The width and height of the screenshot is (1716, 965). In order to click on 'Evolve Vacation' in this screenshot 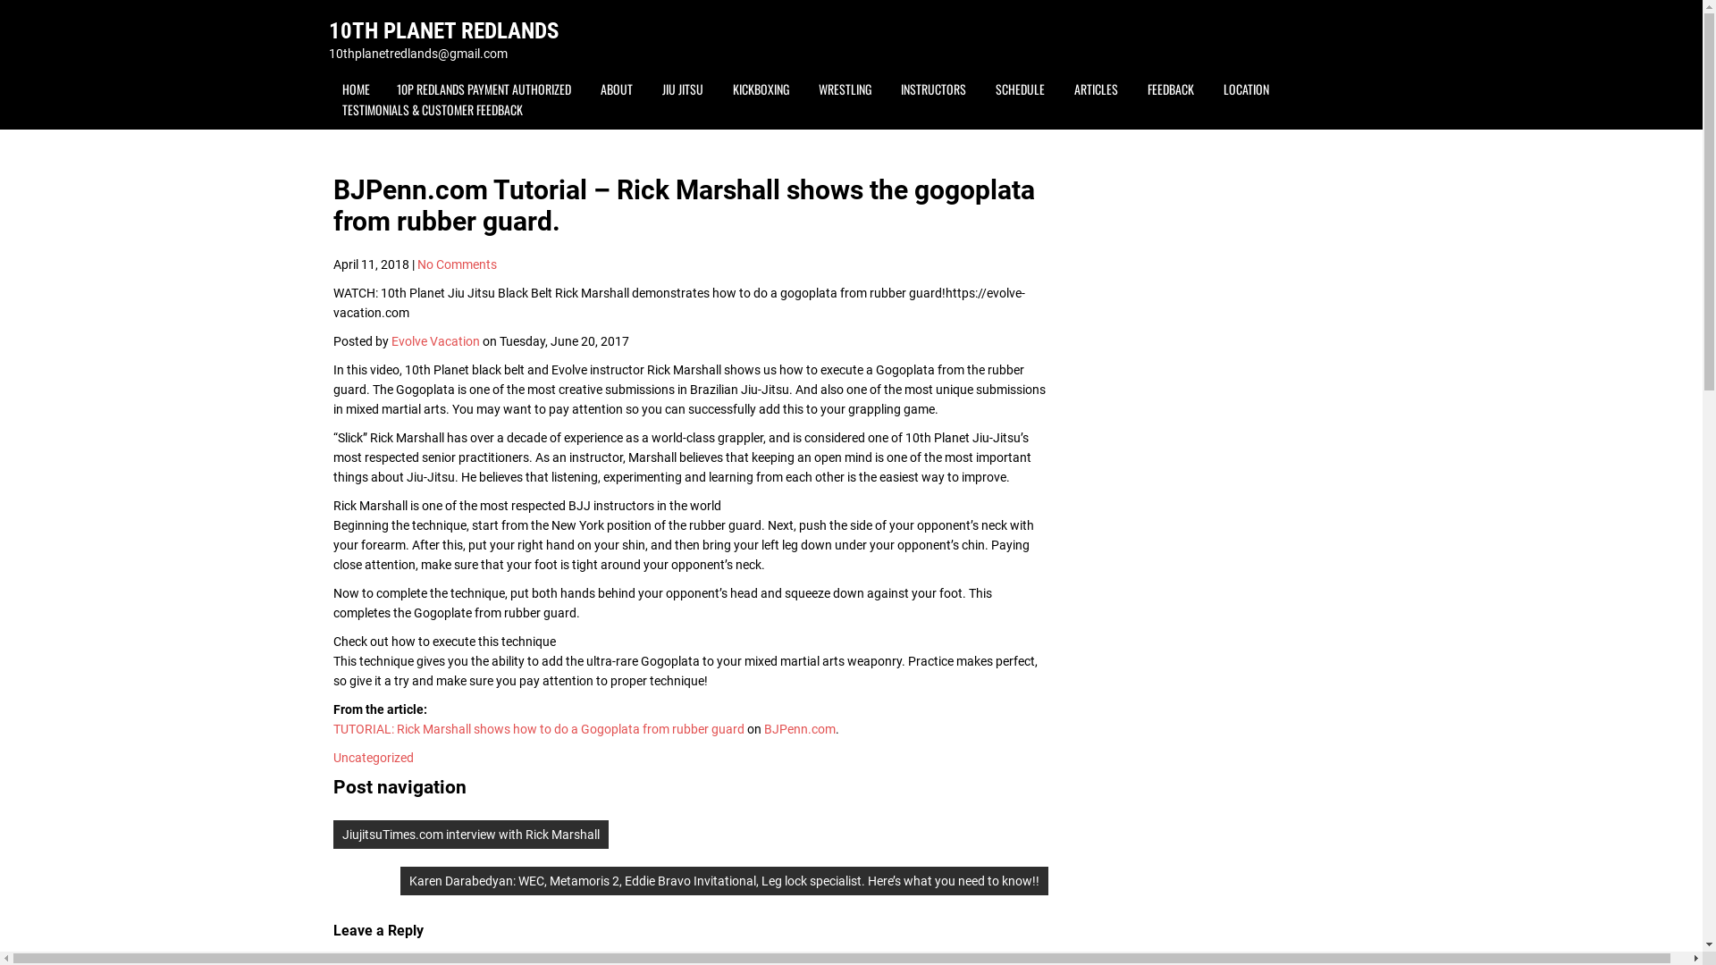, I will do `click(435, 340)`.